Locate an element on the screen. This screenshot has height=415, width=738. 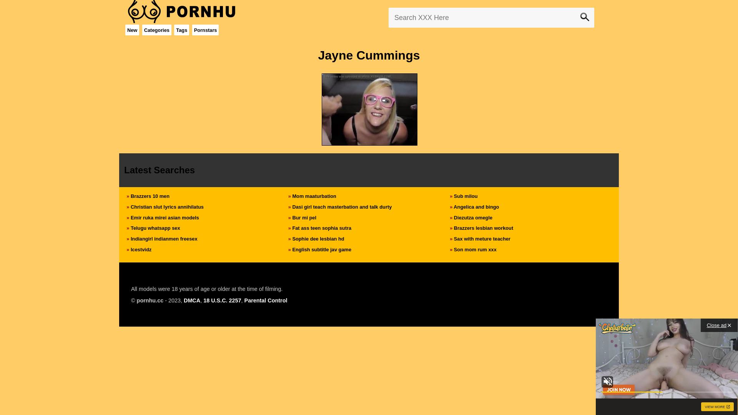
'Indiangirl indianmen freesex' is located at coordinates (164, 238).